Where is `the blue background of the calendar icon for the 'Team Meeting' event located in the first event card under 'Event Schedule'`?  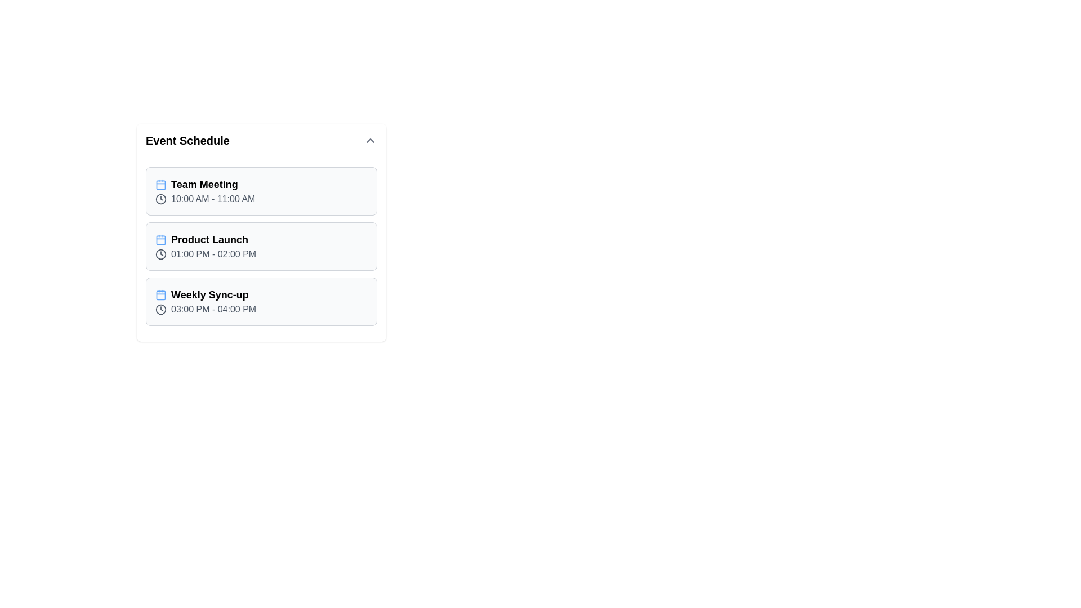
the blue background of the calendar icon for the 'Team Meeting' event located in the first event card under 'Event Schedule' is located at coordinates (160, 184).